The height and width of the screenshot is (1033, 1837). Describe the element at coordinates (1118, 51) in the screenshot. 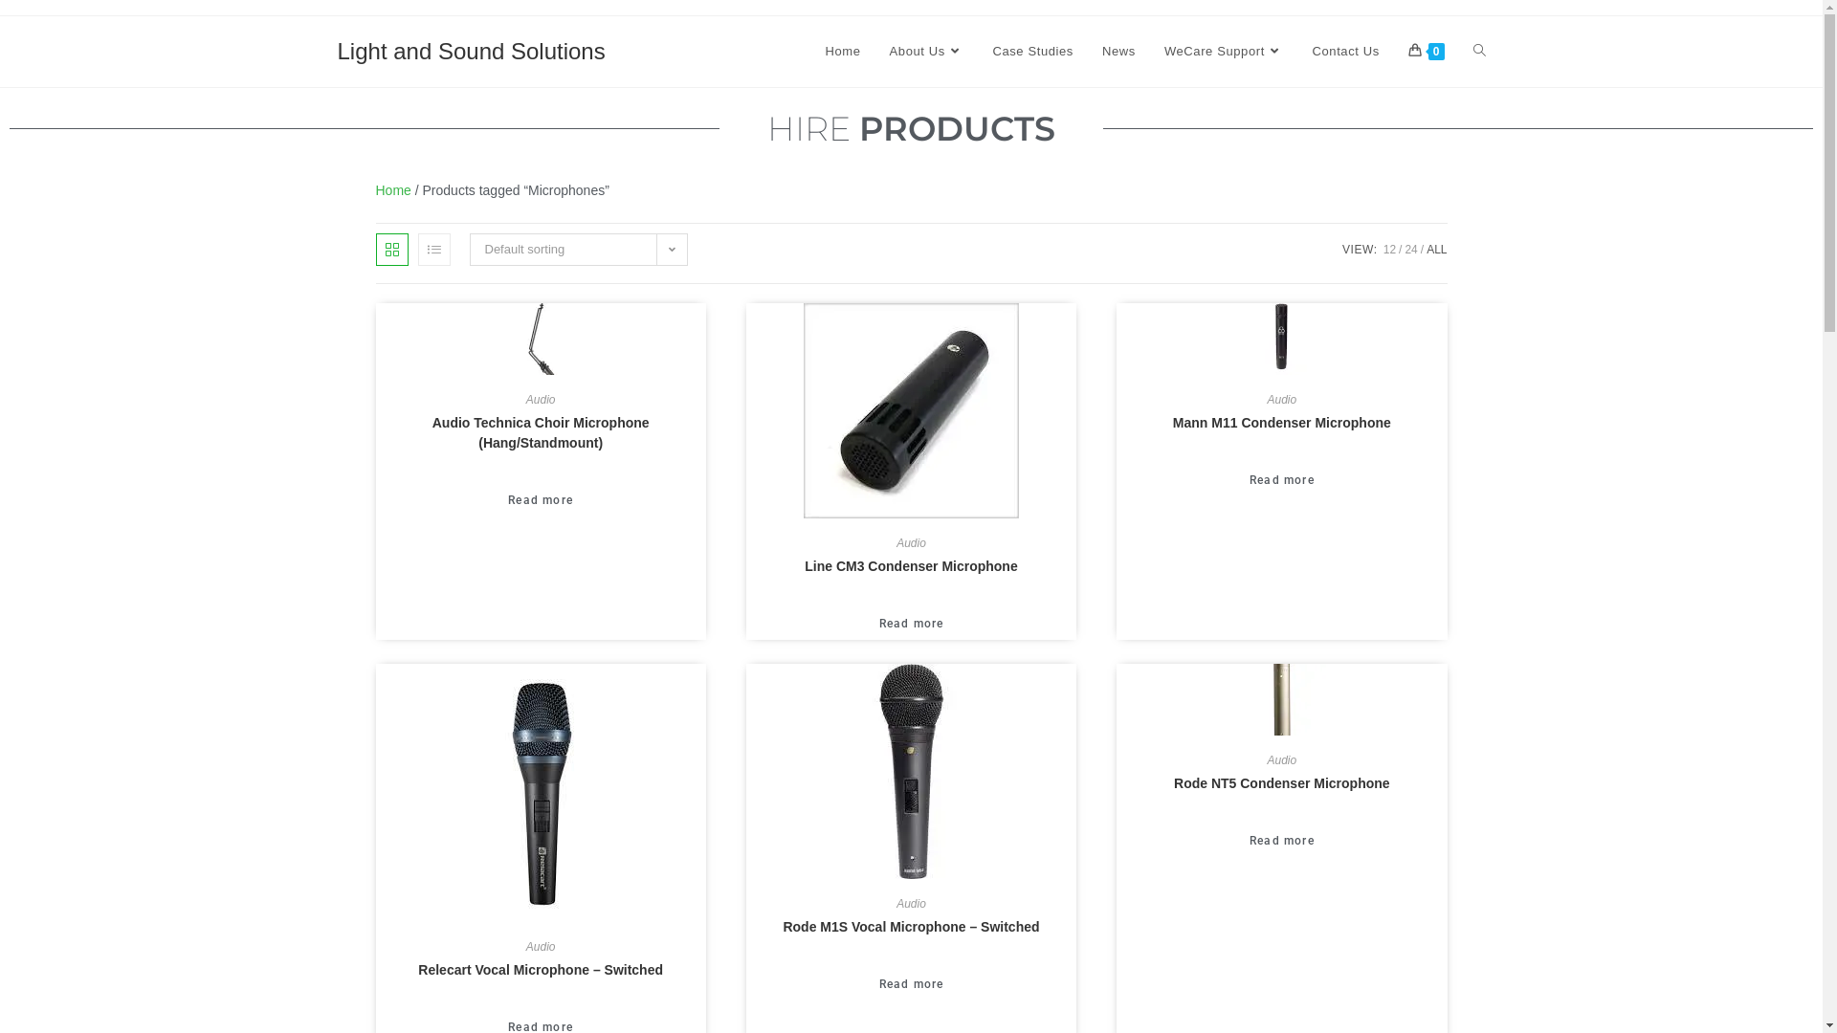

I see `'News'` at that location.